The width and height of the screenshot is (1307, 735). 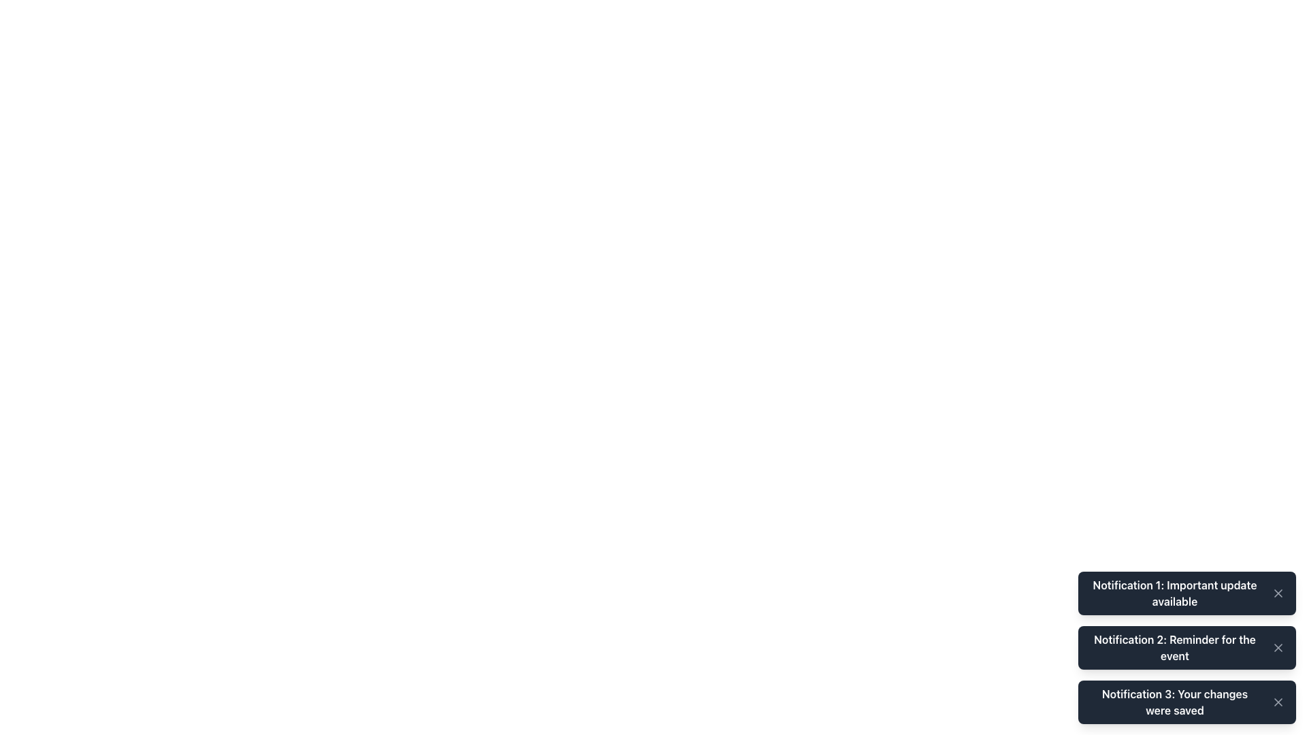 I want to click on the close button located in the top-right corner of the second notification card, so click(x=1277, y=647).